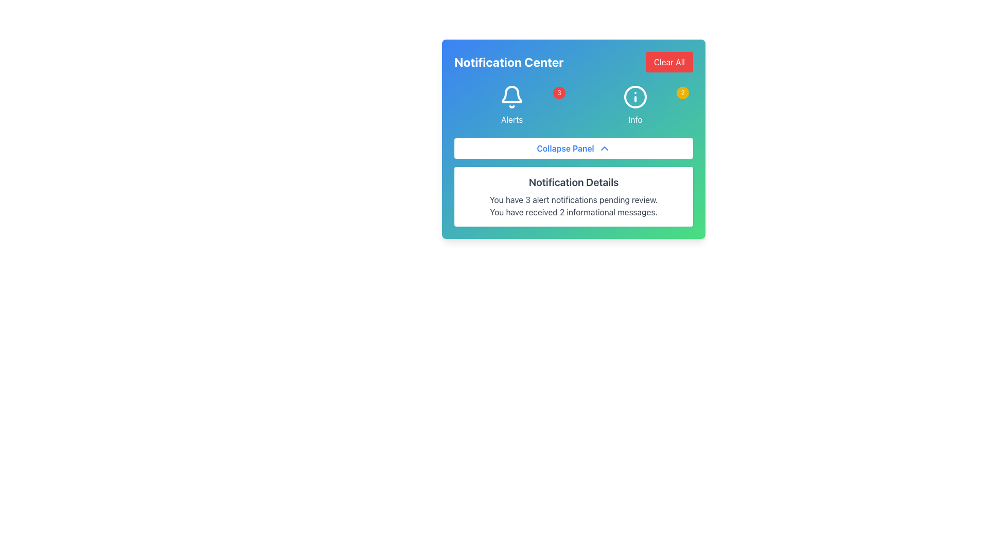 Image resolution: width=988 pixels, height=555 pixels. Describe the element at coordinates (558, 93) in the screenshot. I see `the Notification Badge, a small circular badge with a red background and the number '3' in bold white text, located in the upper-right corner of the notification interface` at that location.